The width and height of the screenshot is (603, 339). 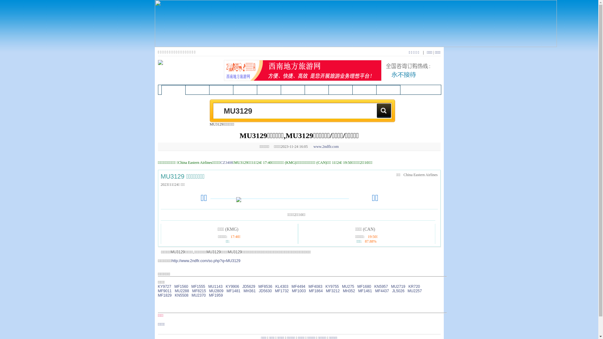 I want to click on 'MF1732', so click(x=274, y=291).